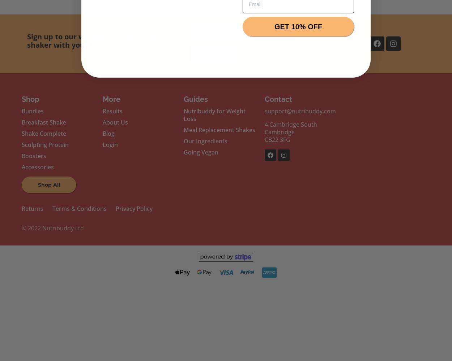  Describe the element at coordinates (201, 152) in the screenshot. I see `'Going Vegan'` at that location.